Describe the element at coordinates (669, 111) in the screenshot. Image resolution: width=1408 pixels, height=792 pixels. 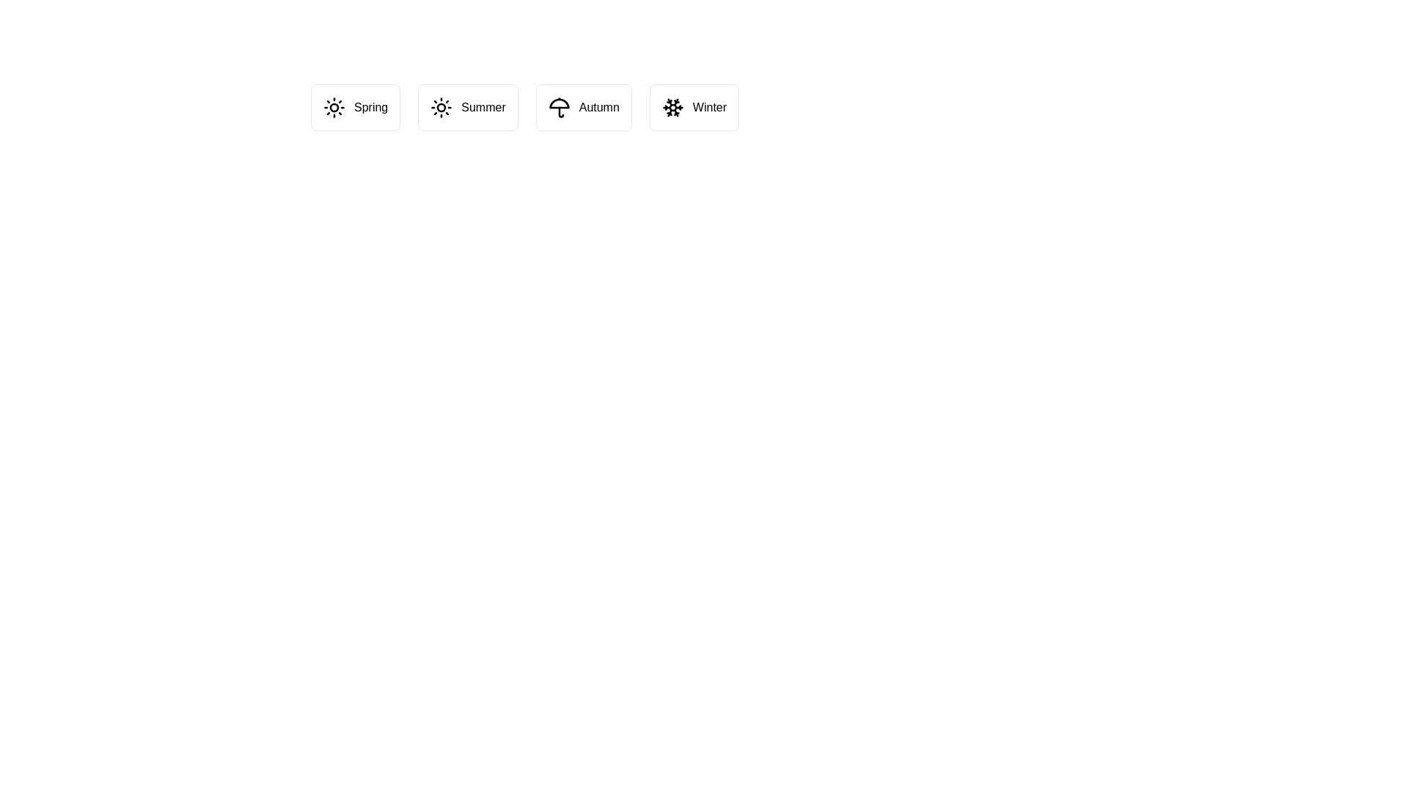
I see `the lower arm segment of the snowflake icon within the 'Winter' button located at the rightmost position of the button row` at that location.